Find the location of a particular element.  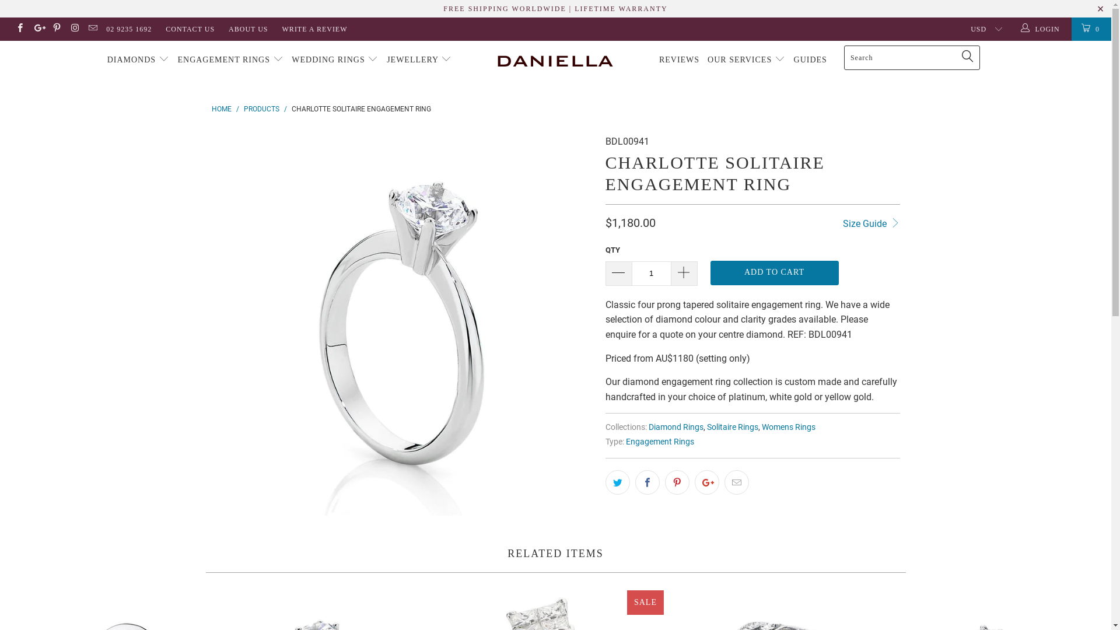

'Daniella Jewellers' is located at coordinates (555, 60).